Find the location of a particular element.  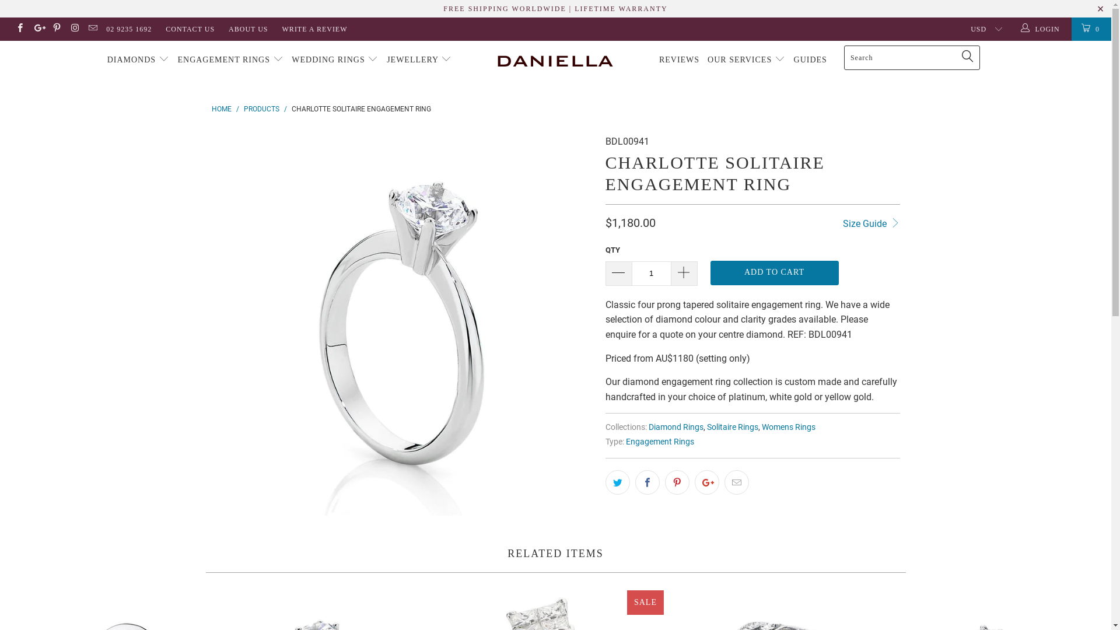

'Daniella Jewellers' is located at coordinates (555, 60).